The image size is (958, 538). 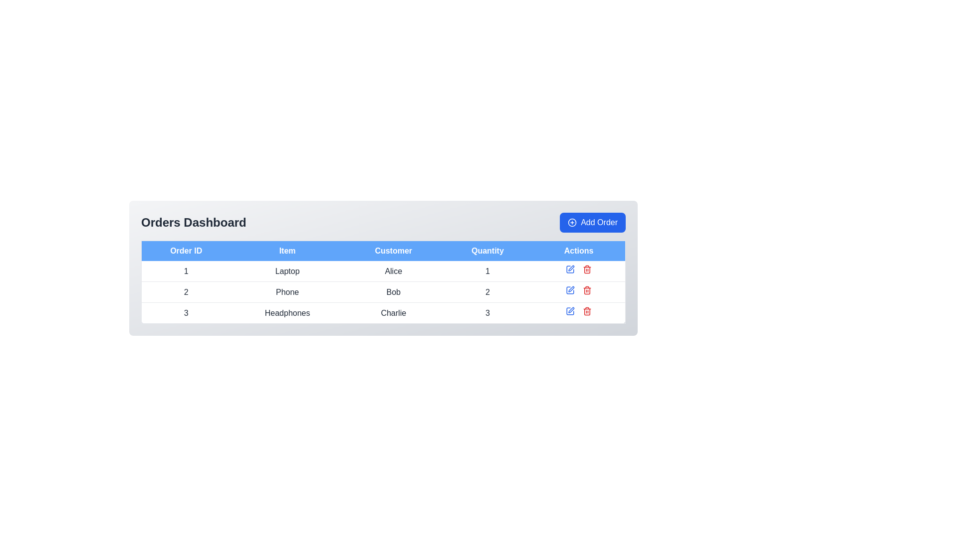 I want to click on the text block displaying '2' in bold style, located in the first column of the second row of the table, so click(x=186, y=291).